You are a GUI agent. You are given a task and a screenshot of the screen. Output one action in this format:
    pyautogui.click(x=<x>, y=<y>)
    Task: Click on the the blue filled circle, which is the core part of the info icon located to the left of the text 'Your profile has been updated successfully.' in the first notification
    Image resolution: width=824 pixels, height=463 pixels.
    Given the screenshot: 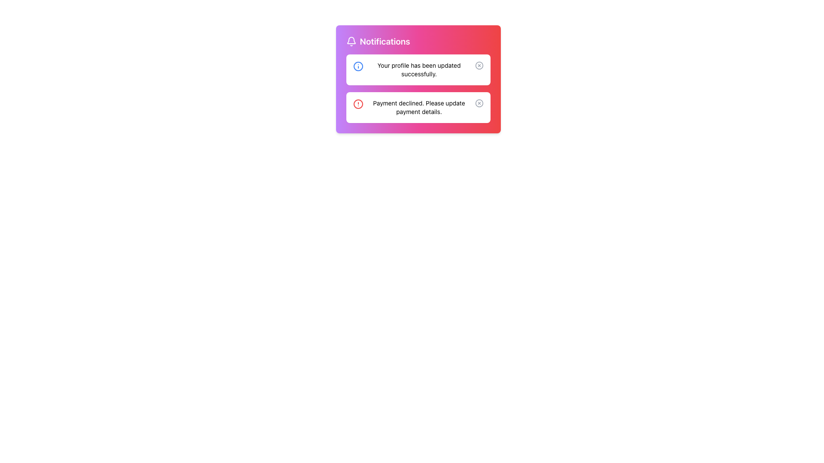 What is the action you would take?
    pyautogui.click(x=358, y=66)
    